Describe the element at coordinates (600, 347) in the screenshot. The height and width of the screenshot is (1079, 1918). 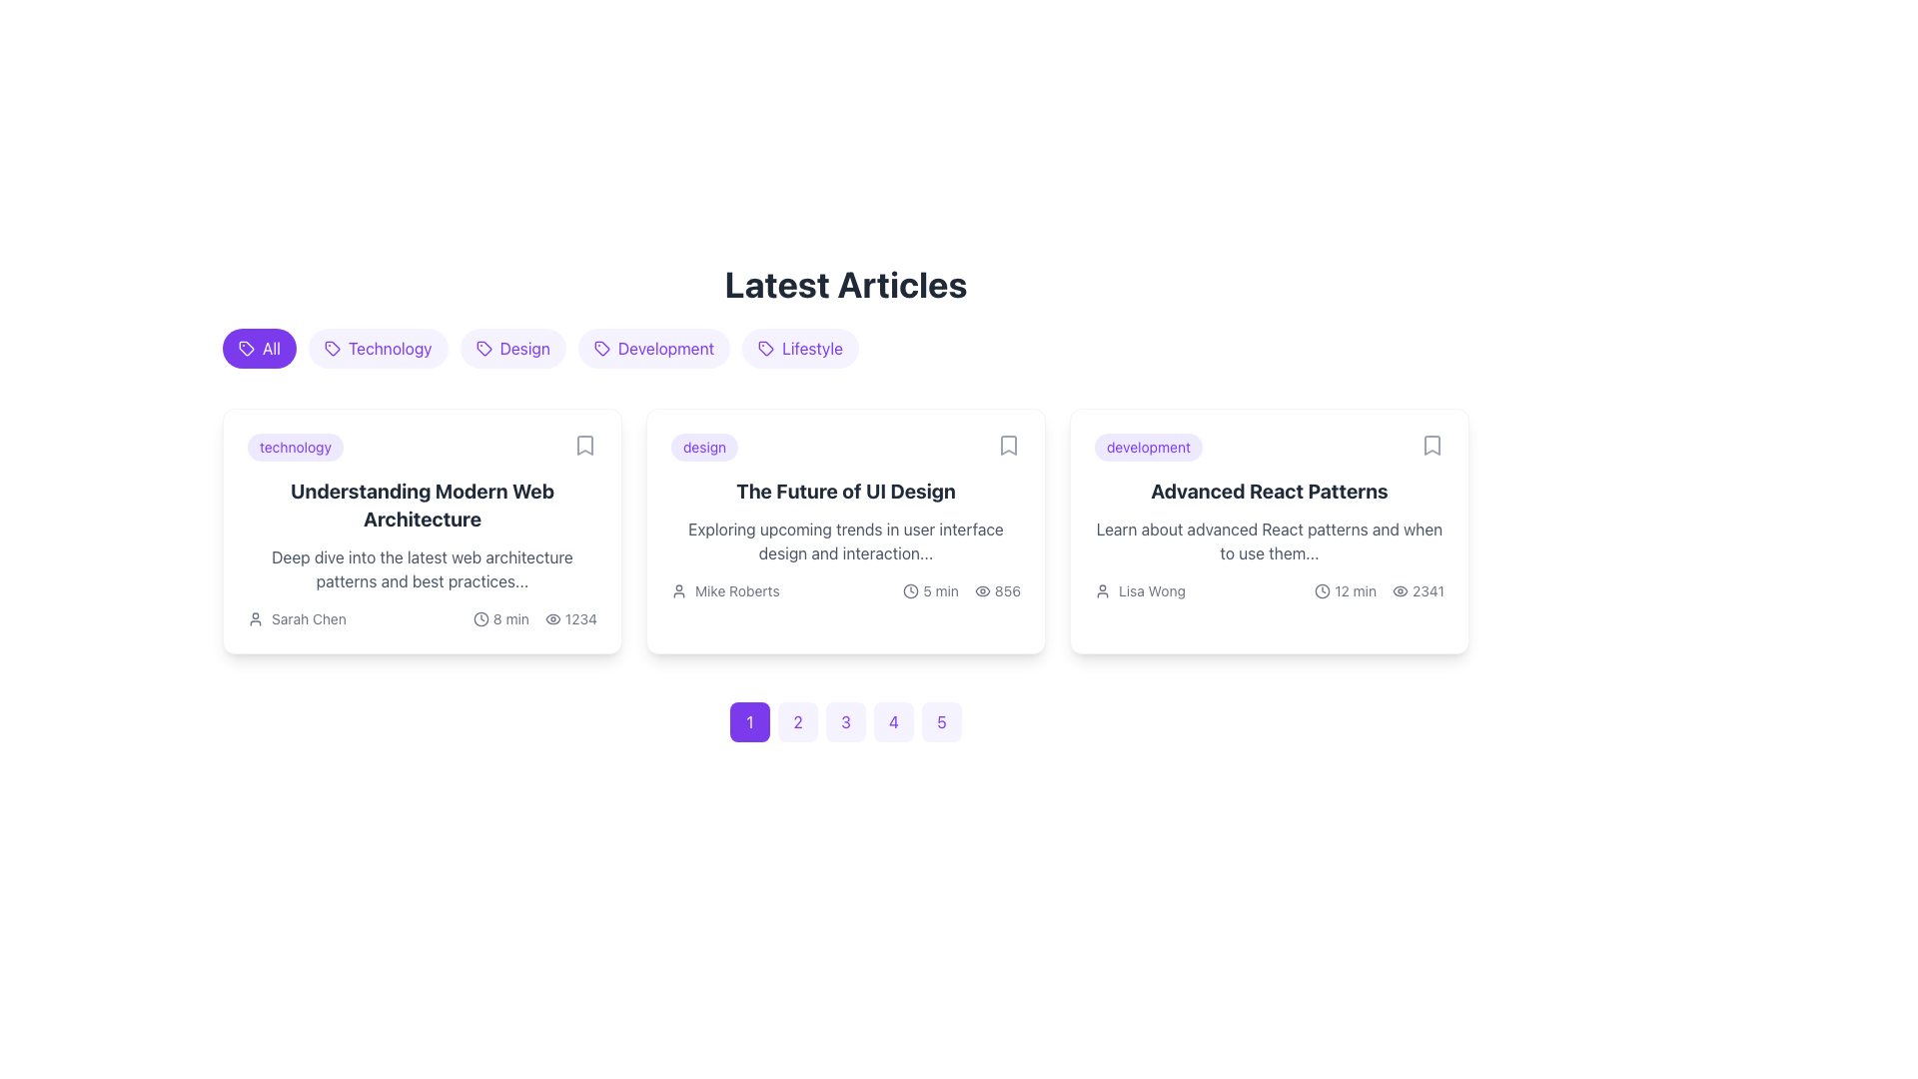
I see `the 'Development' tag icon, which is a representative graphic positioned to the left of the text 'Development' in a horizontal arrangement of similar UI elements` at that location.